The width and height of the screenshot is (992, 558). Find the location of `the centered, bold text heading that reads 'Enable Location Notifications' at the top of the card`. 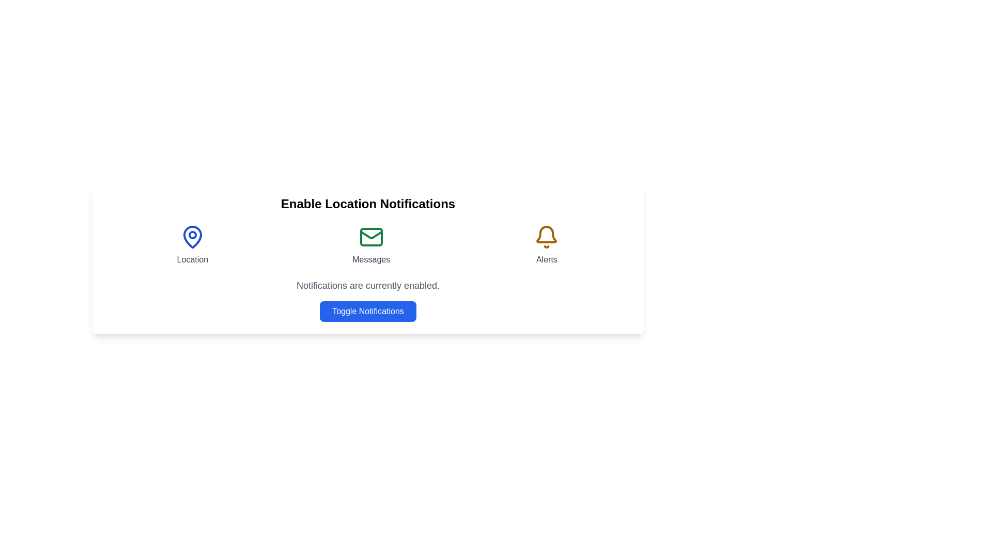

the centered, bold text heading that reads 'Enable Location Notifications' at the top of the card is located at coordinates (368, 204).